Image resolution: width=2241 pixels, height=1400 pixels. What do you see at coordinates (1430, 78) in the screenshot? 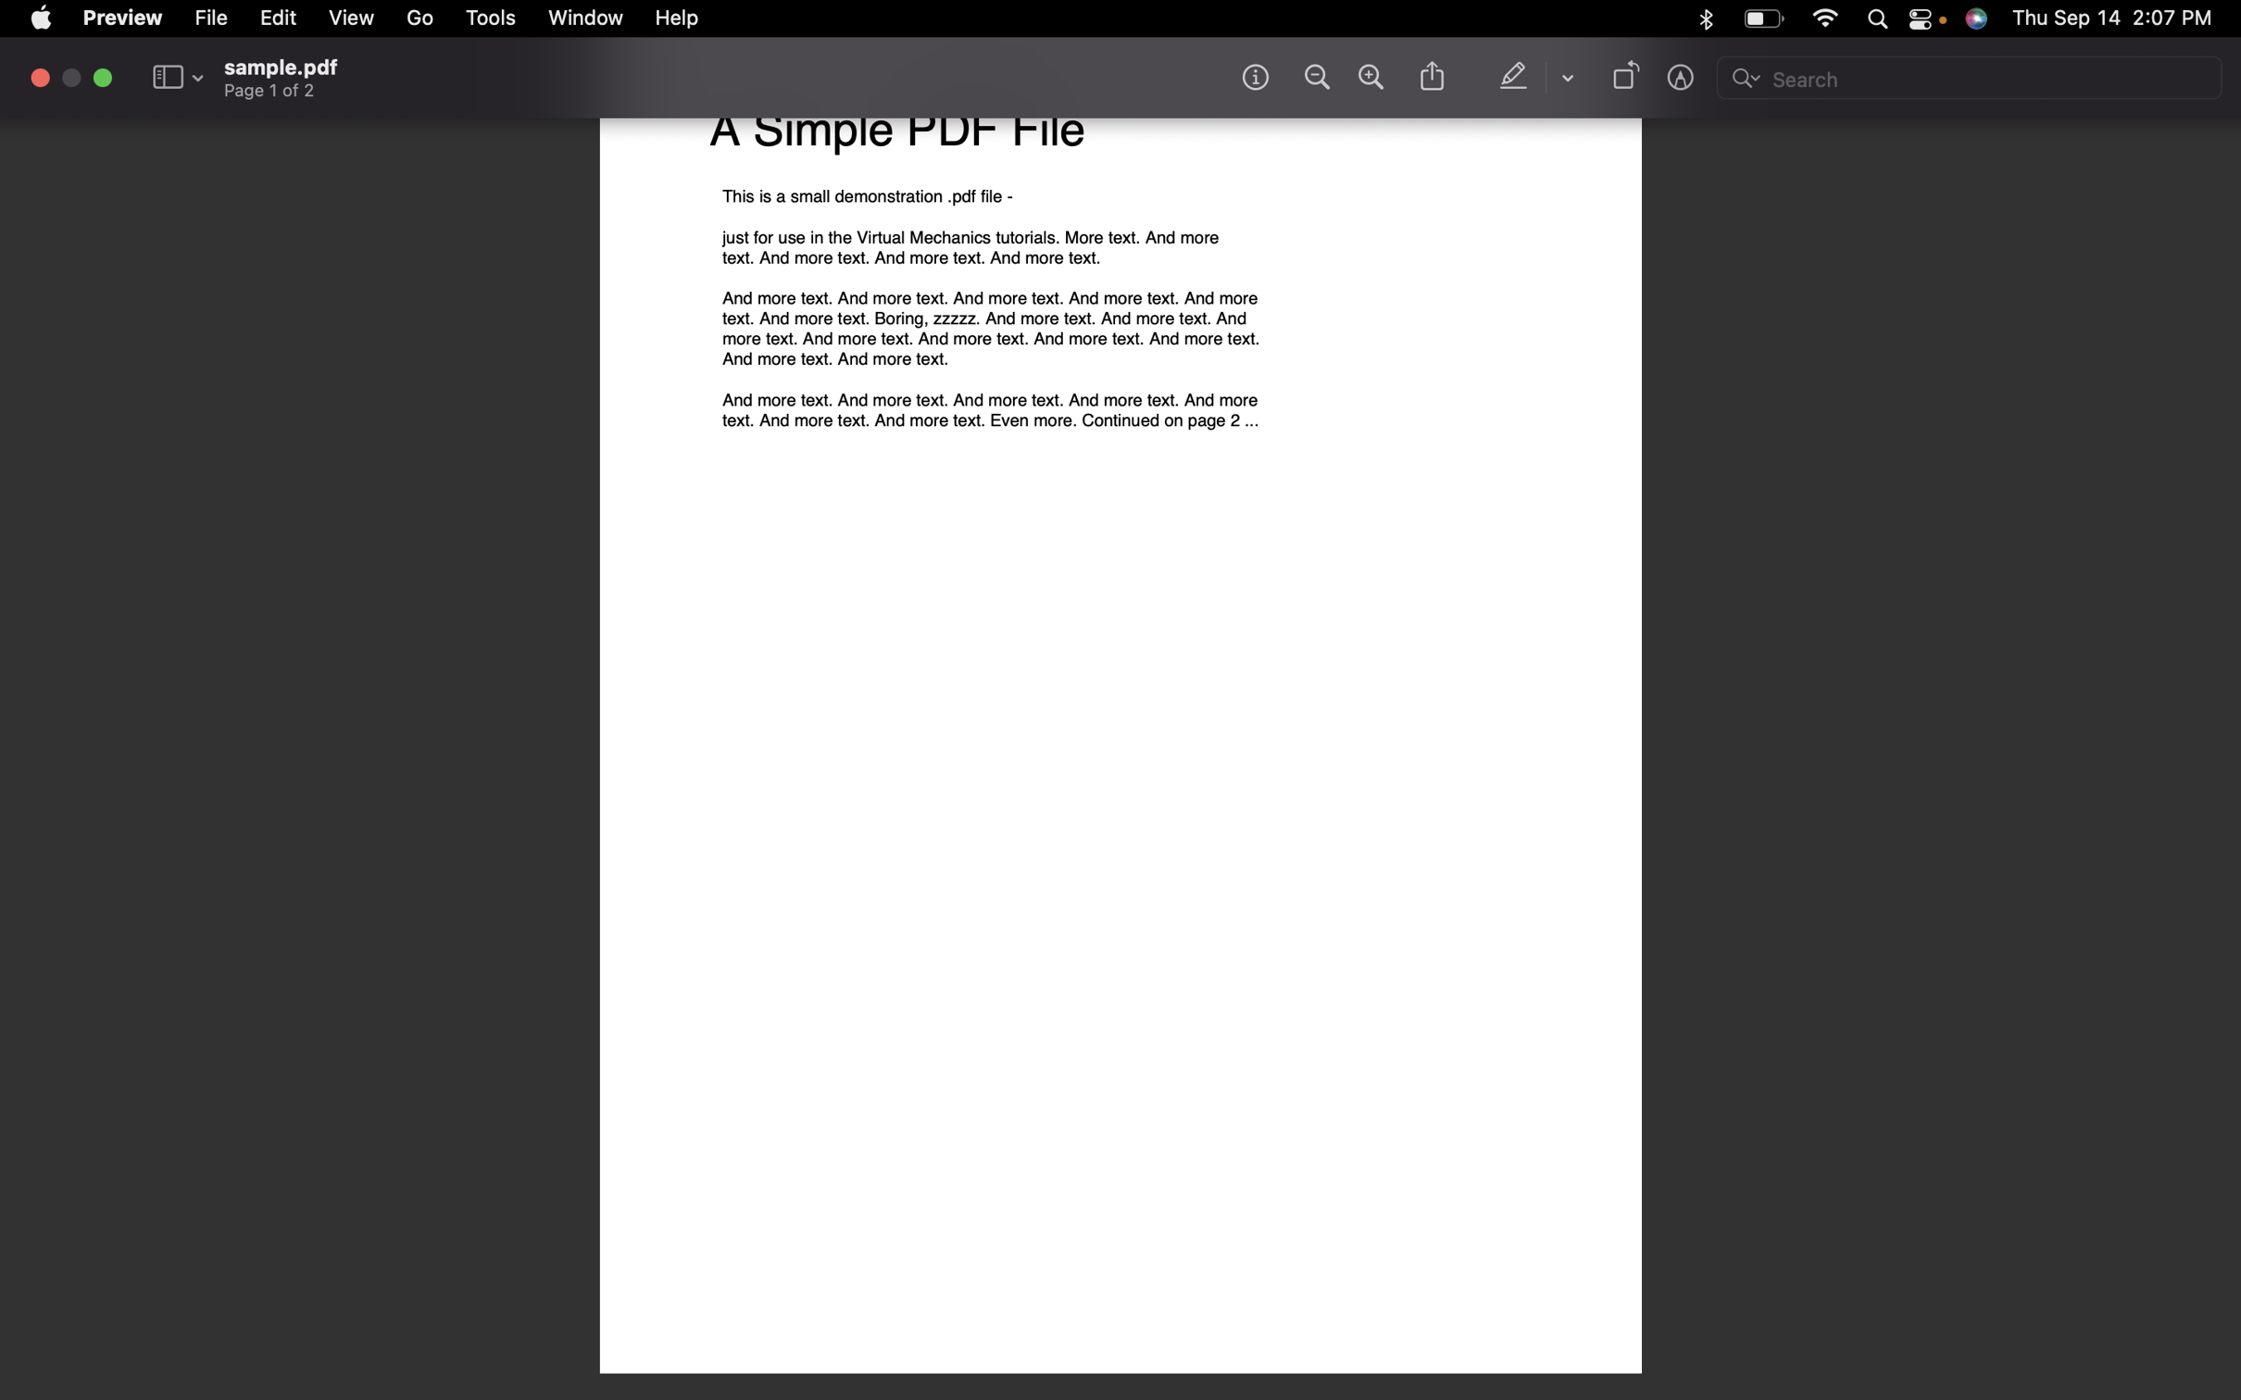
I see `Share the file via Messages` at bounding box center [1430, 78].